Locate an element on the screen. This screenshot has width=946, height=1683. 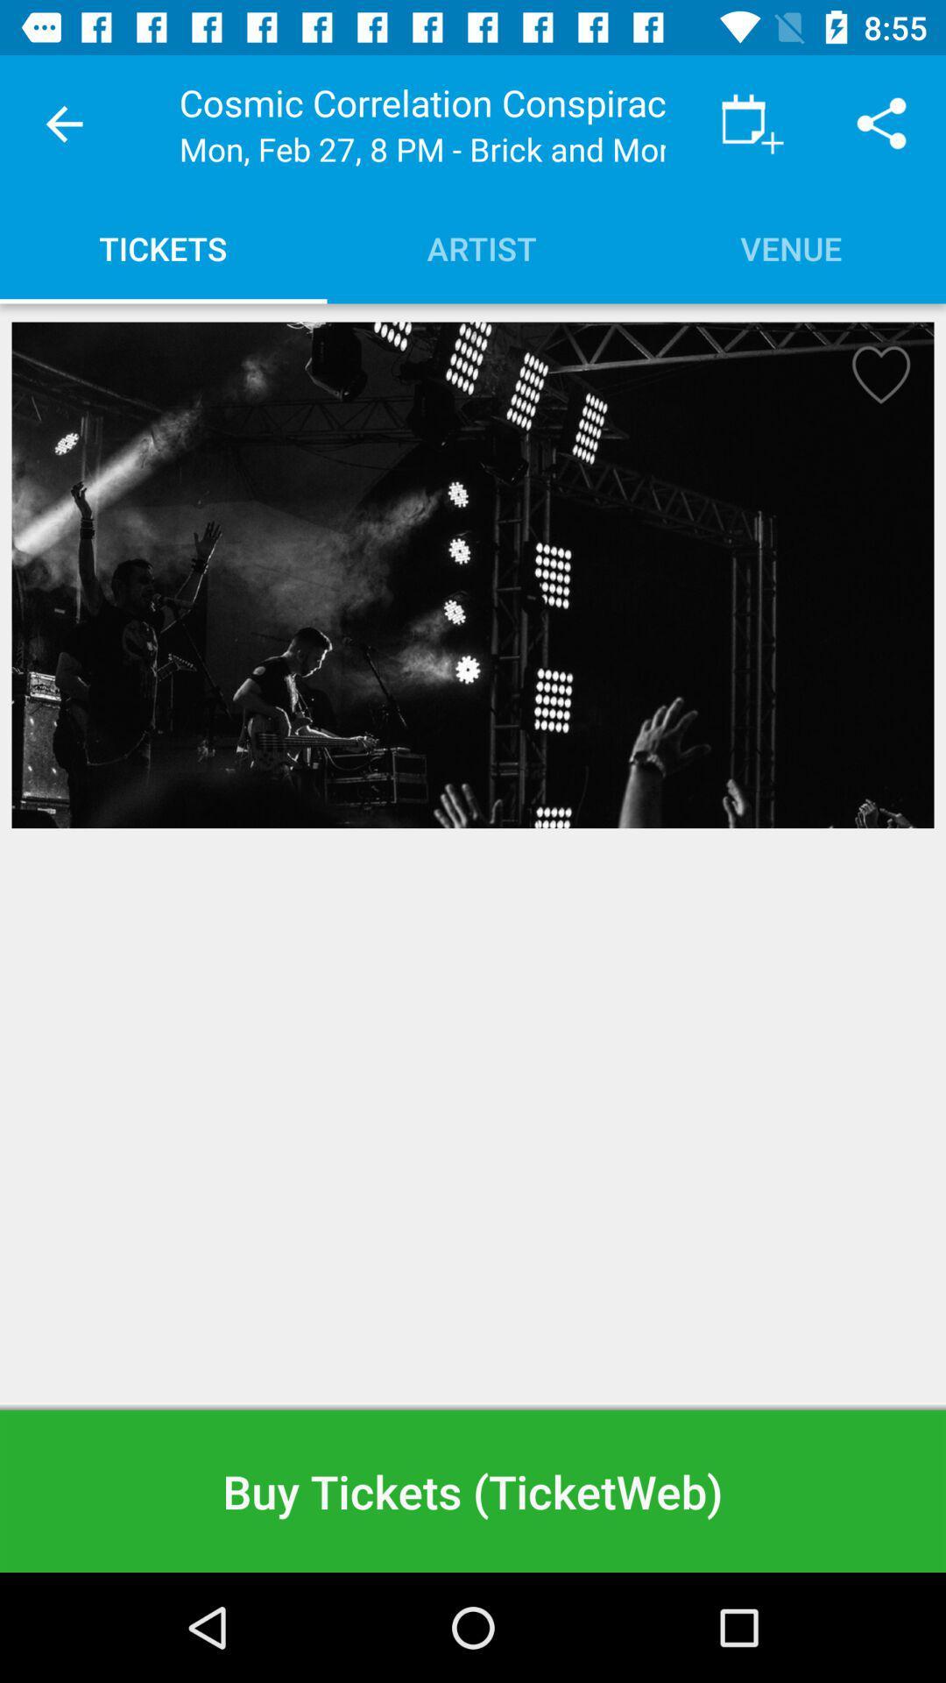
item above venue item is located at coordinates (881, 123).